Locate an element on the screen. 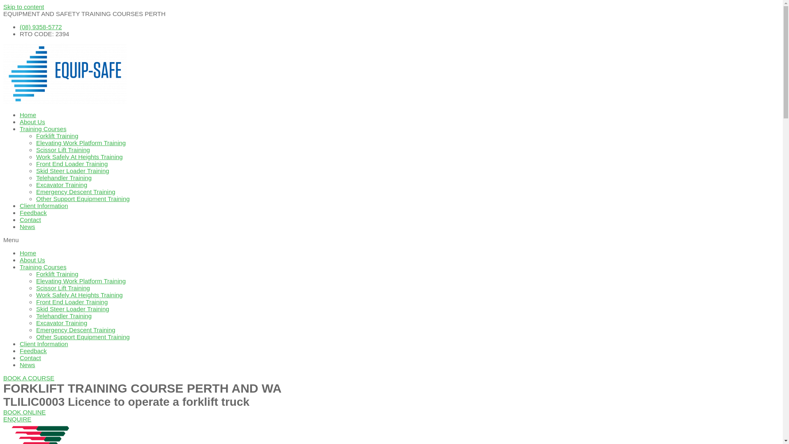  'Scissor Lift Training' is located at coordinates (35, 287).